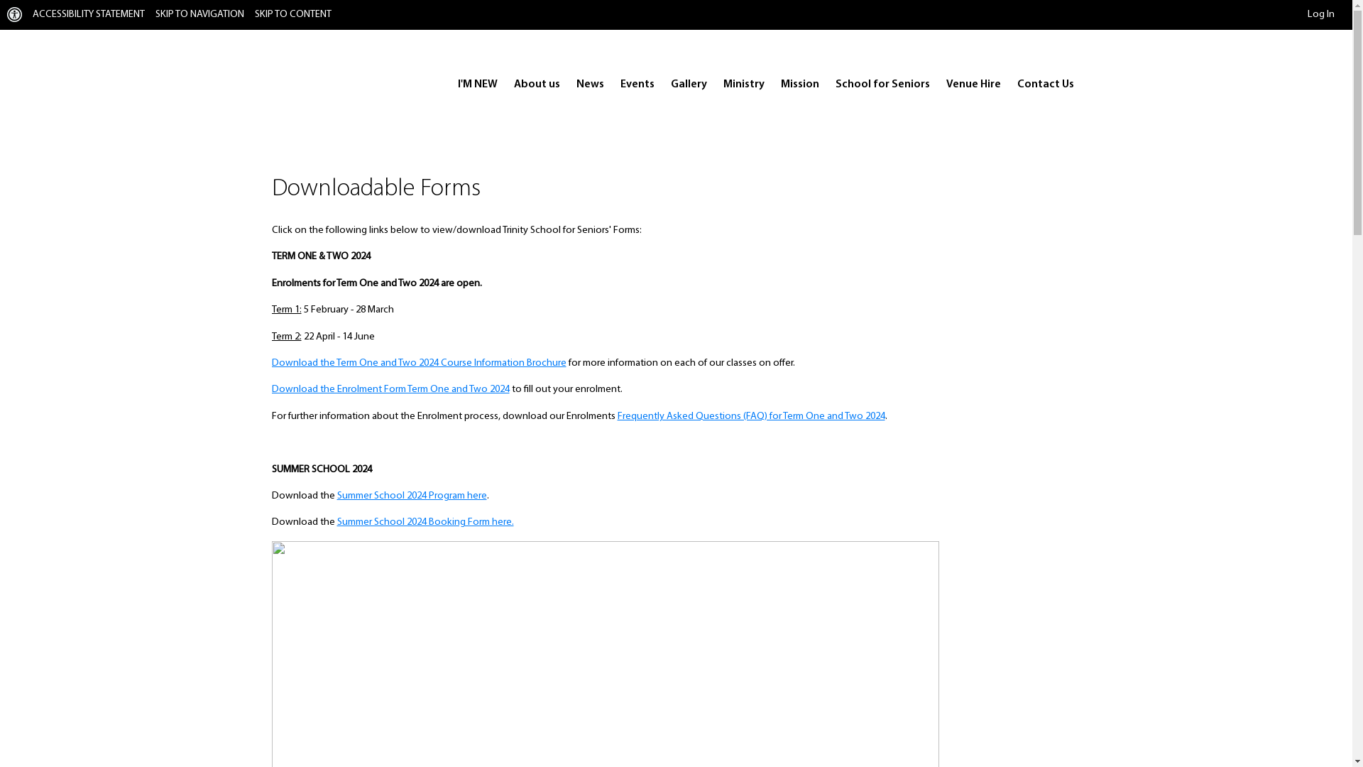 This screenshot has height=767, width=1363. Describe the element at coordinates (87, 14) in the screenshot. I see `'ACCESSIBILITY STATEMENT'` at that location.